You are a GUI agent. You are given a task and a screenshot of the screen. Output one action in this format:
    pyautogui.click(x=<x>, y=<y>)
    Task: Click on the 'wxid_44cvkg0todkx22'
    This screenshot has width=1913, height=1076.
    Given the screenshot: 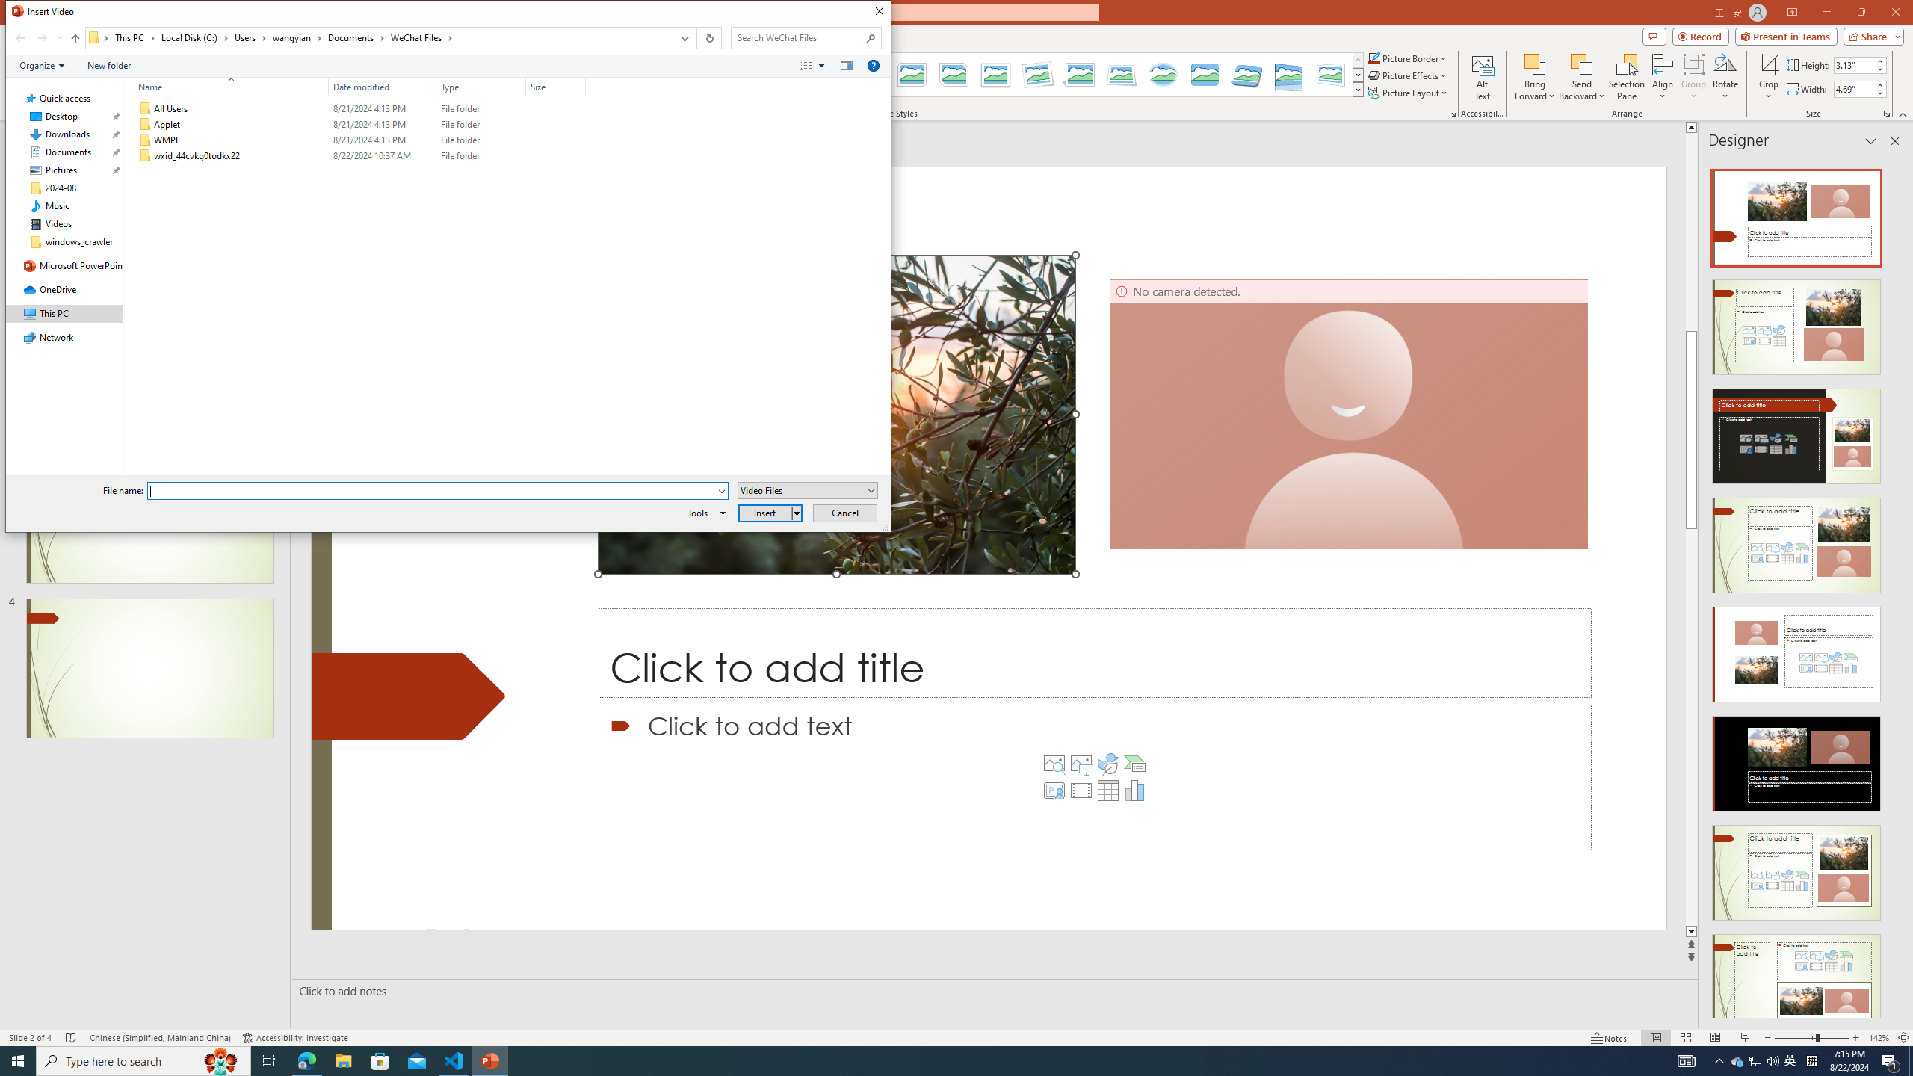 What is the action you would take?
    pyautogui.click(x=359, y=155)
    